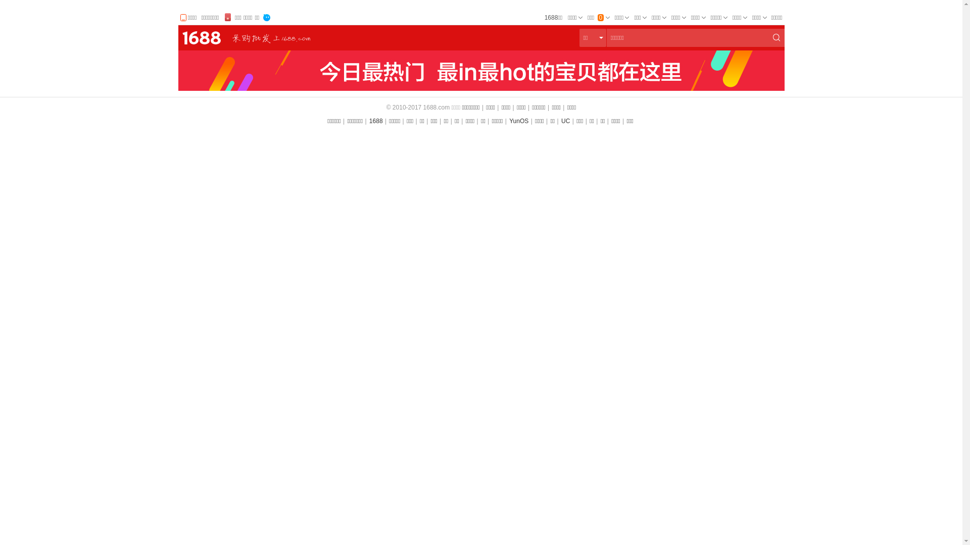 The height and width of the screenshot is (545, 970). What do you see at coordinates (560, 120) in the screenshot?
I see `'UC'` at bounding box center [560, 120].